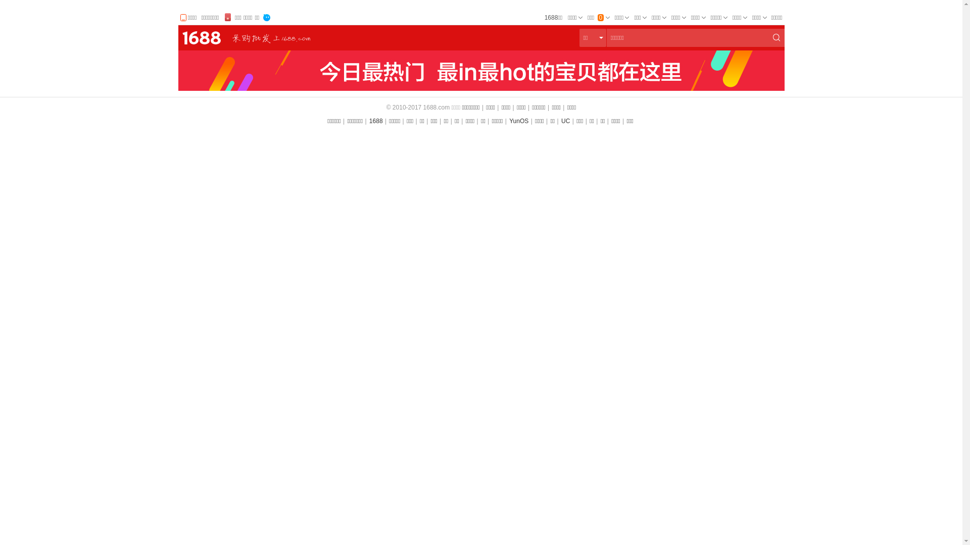 The height and width of the screenshot is (545, 970). What do you see at coordinates (560, 120) in the screenshot?
I see `'UC'` at bounding box center [560, 120].